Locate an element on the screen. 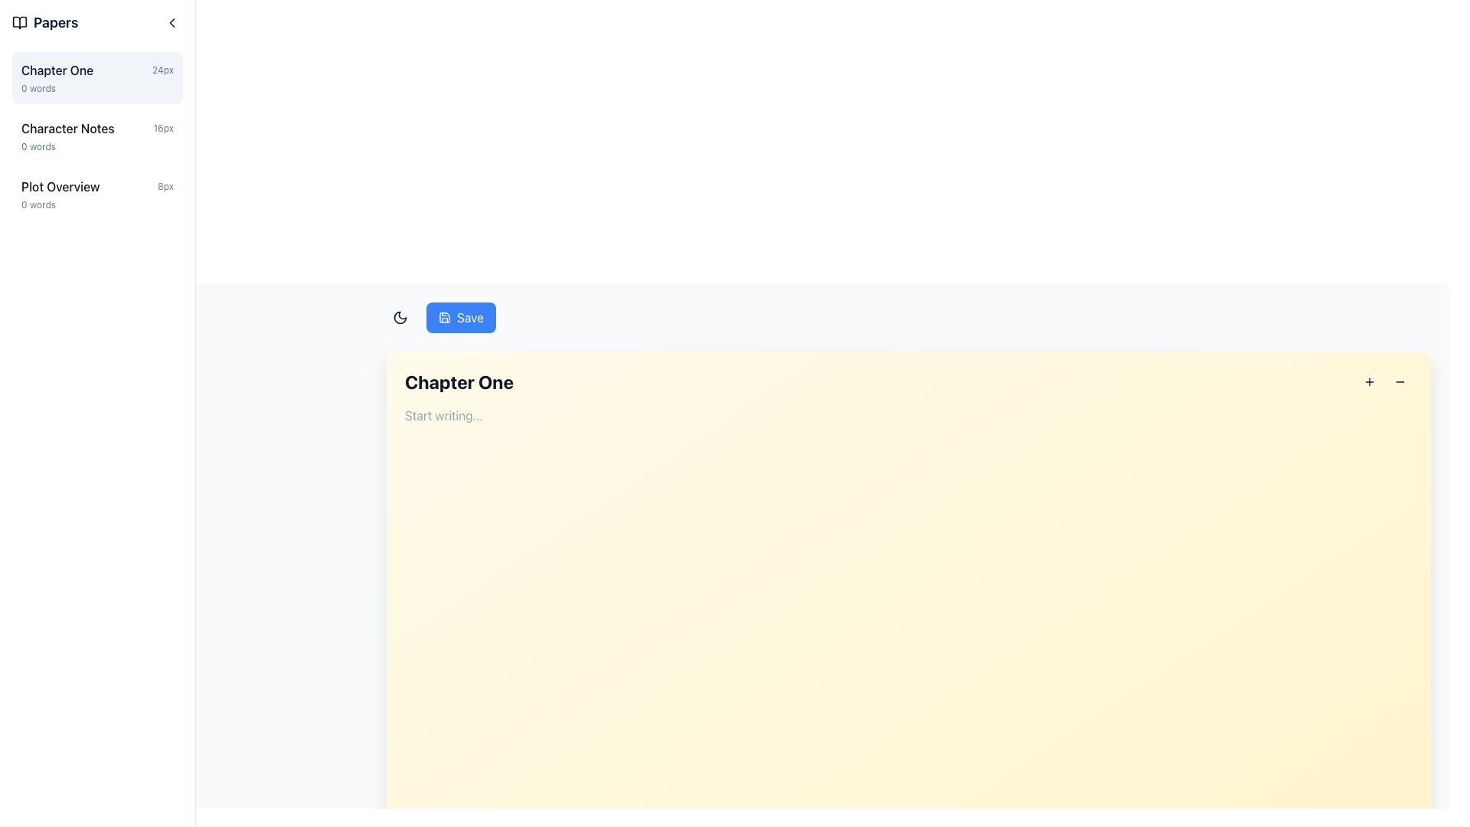 The image size is (1470, 827). the title bar of the sidebar which indicates the context of the listed items below is located at coordinates (96, 23).